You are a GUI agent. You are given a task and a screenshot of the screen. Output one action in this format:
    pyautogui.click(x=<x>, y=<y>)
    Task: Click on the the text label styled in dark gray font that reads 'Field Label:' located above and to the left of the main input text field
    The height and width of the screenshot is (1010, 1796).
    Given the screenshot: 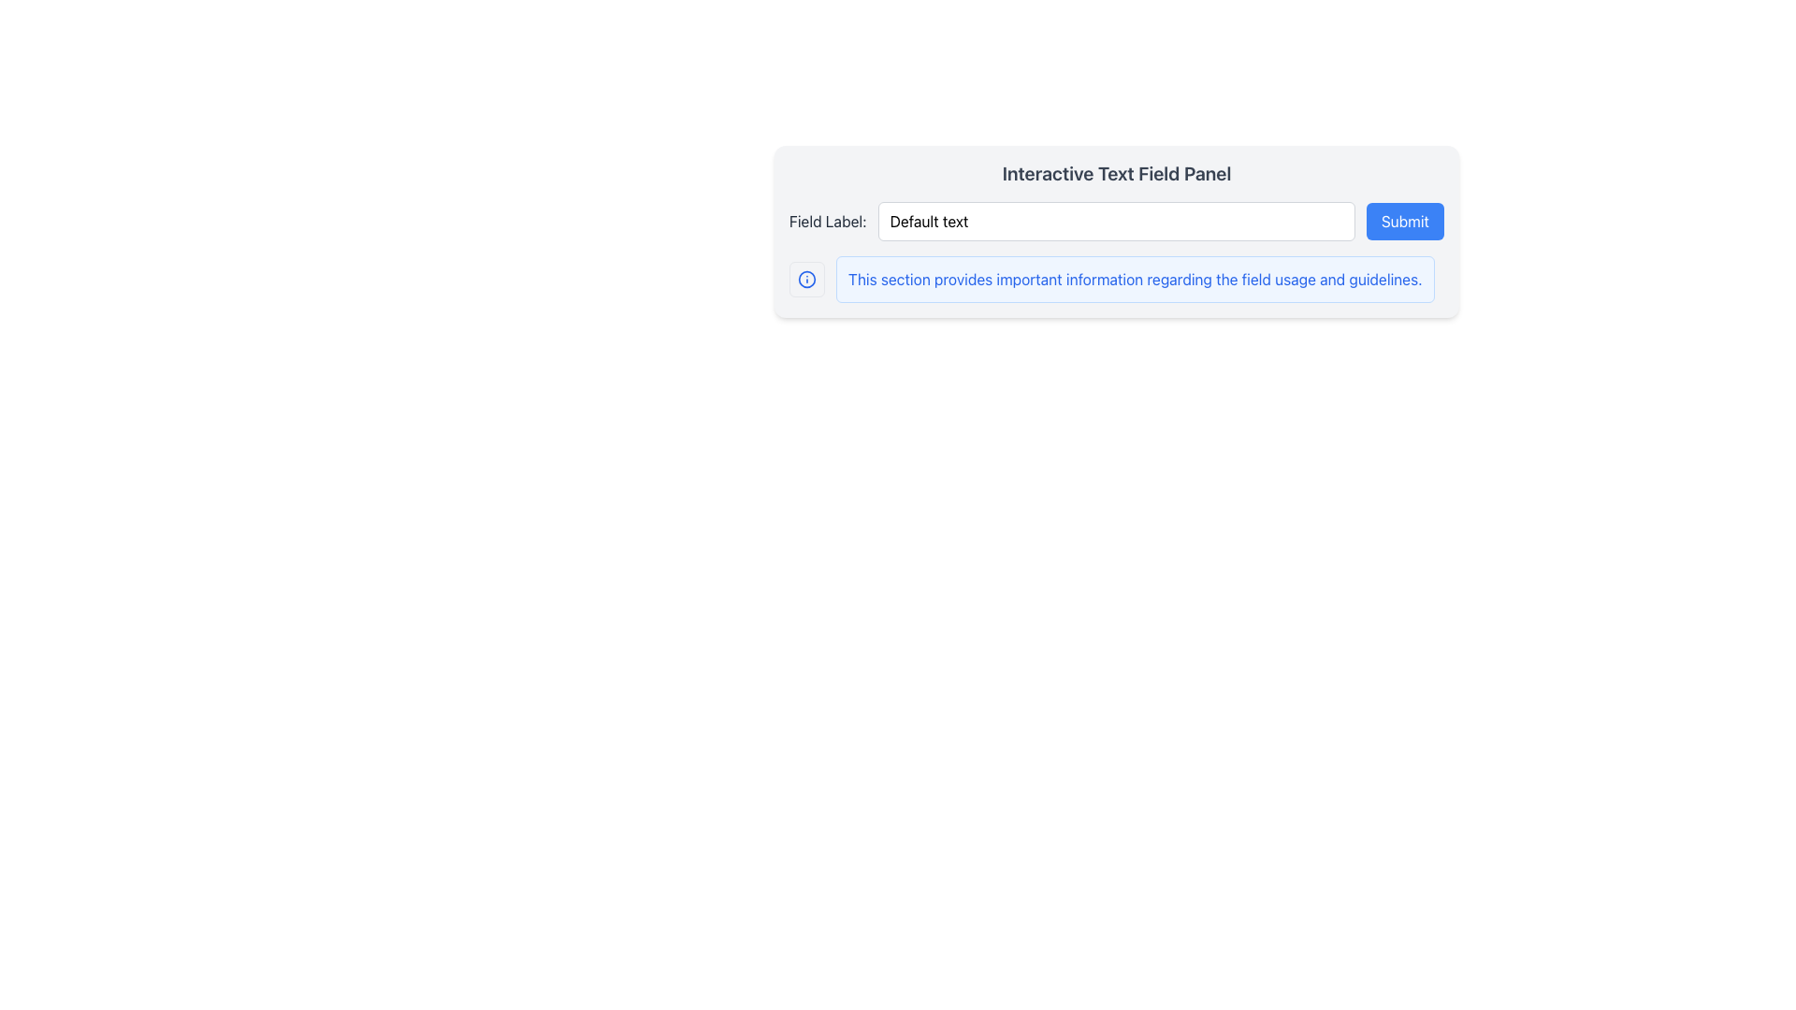 What is the action you would take?
    pyautogui.click(x=827, y=220)
    